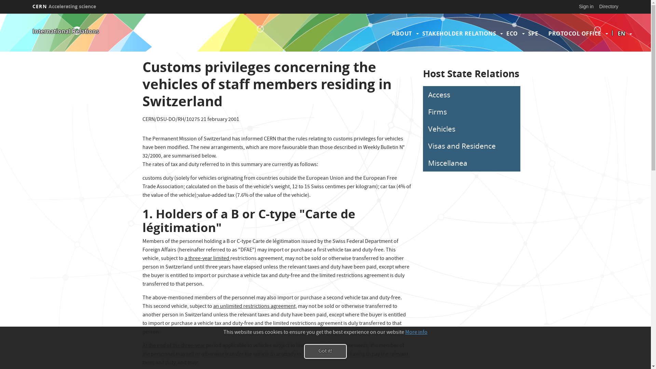  I want to click on 'Got it!', so click(325, 351).